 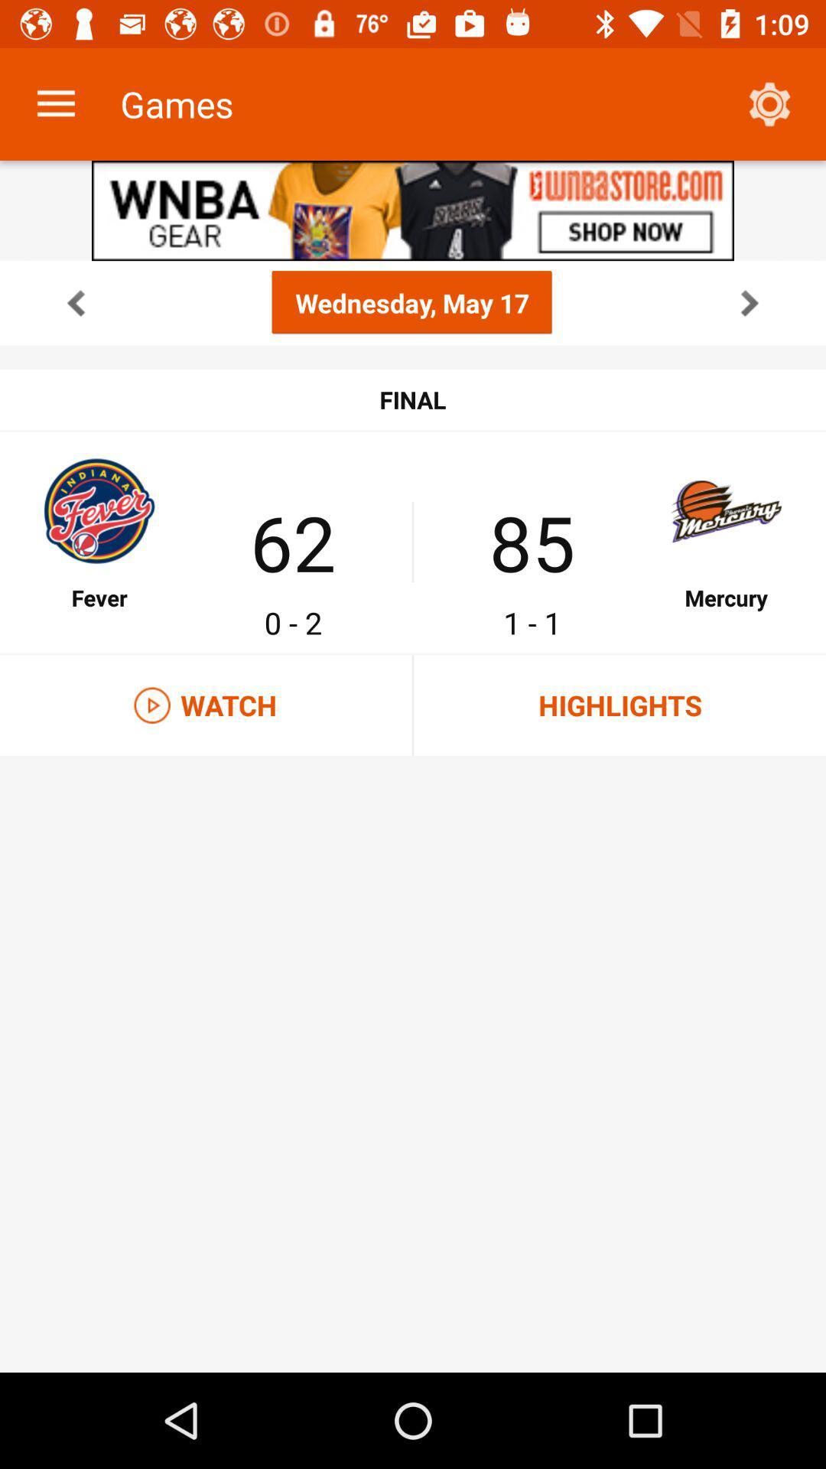 I want to click on click add, so click(x=413, y=210).